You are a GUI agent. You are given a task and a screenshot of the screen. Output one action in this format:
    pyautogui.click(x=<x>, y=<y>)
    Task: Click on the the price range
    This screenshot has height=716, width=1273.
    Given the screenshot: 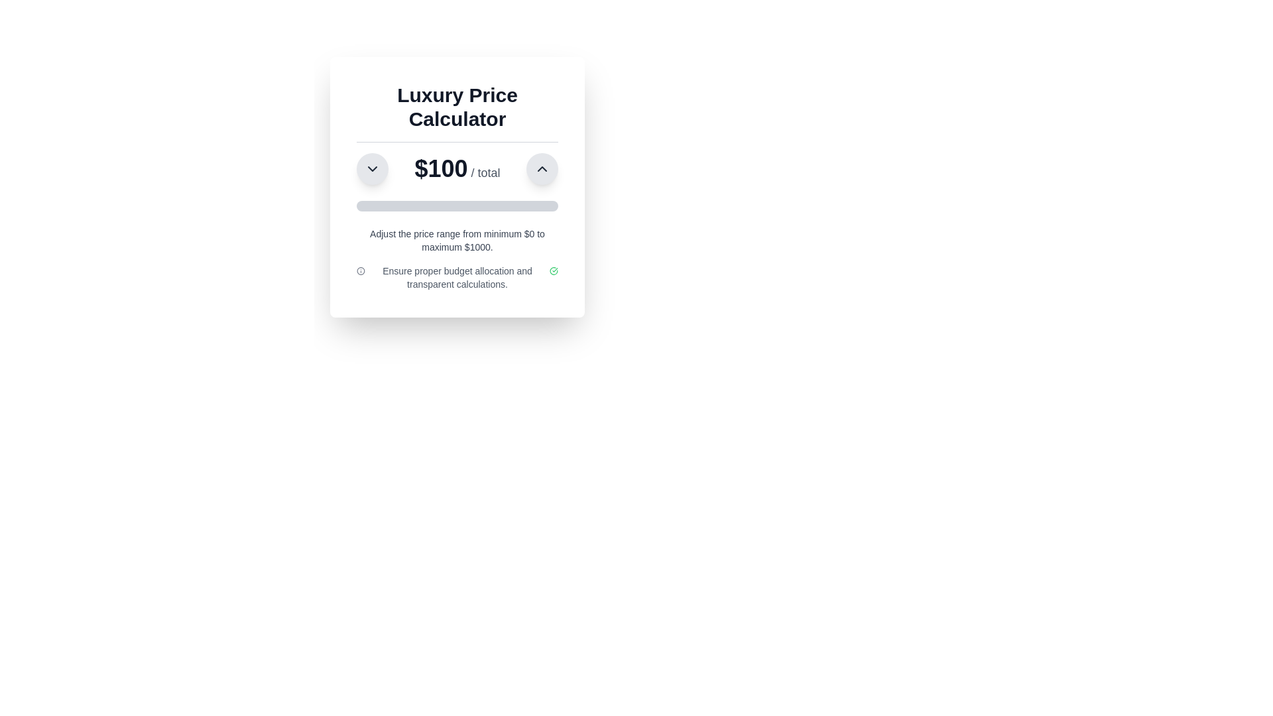 What is the action you would take?
    pyautogui.click(x=371, y=206)
    